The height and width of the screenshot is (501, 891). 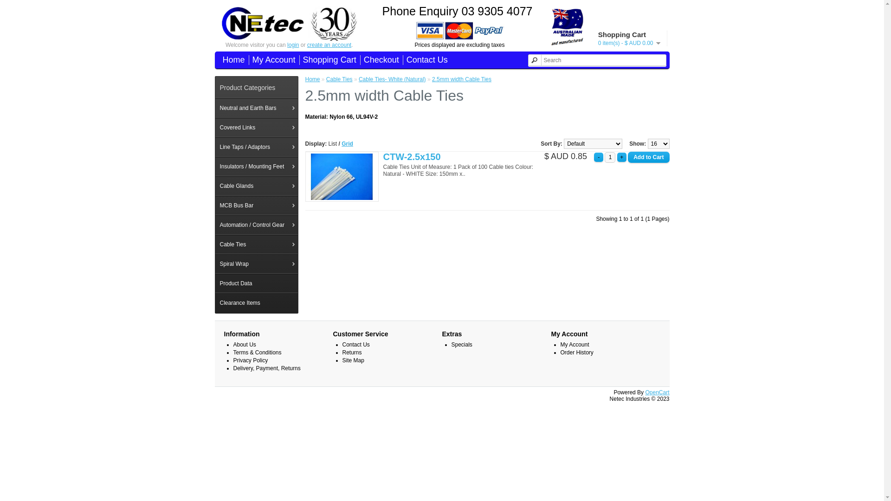 I want to click on 'Order History', so click(x=576, y=352).